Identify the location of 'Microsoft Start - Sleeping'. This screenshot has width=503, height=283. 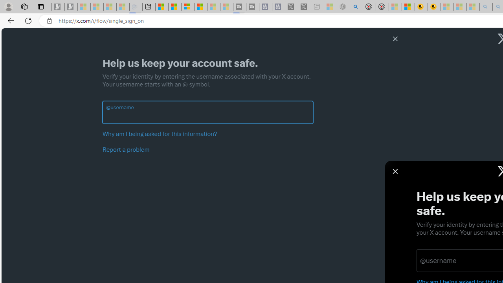
(214, 7).